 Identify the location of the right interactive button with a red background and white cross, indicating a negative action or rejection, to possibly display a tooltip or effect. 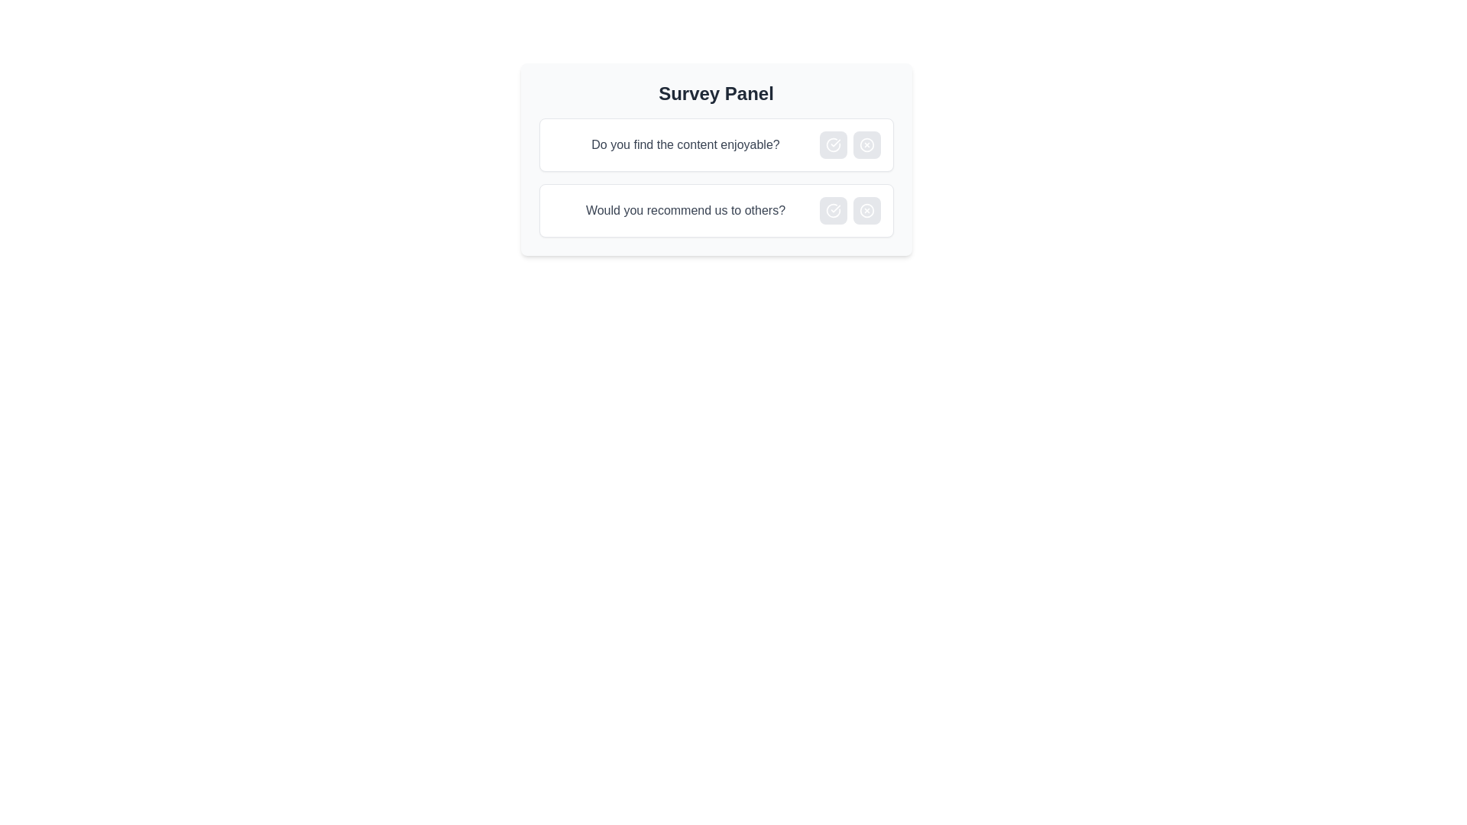
(849, 144).